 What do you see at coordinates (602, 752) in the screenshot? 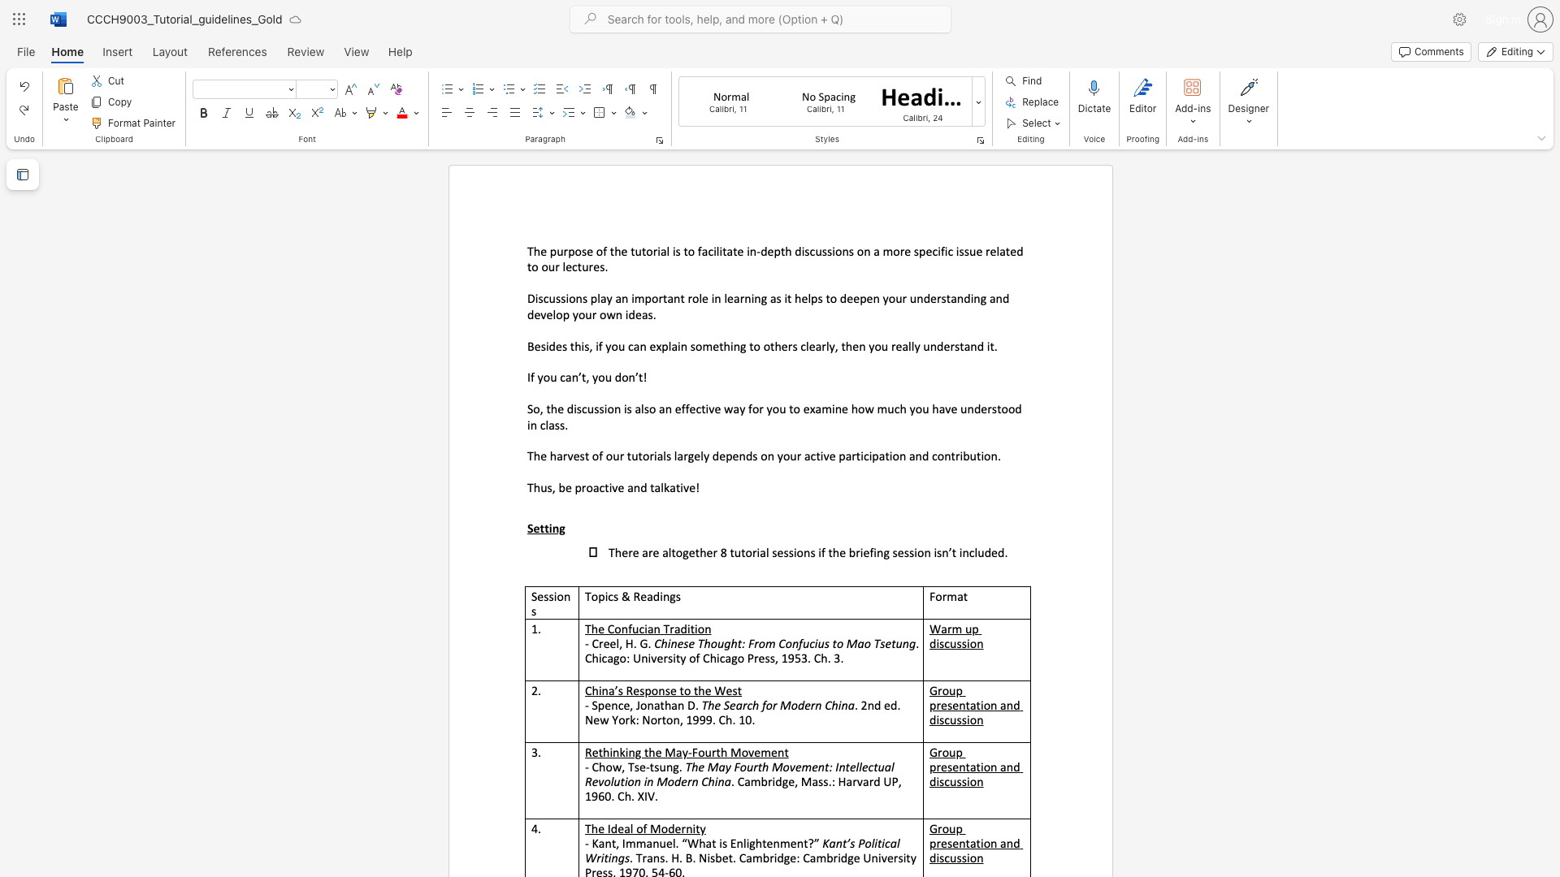
I see `the subset text "hinking the May-Fourth Moveme" within the text "Rethinking the May-Fourth Movement"` at bounding box center [602, 752].